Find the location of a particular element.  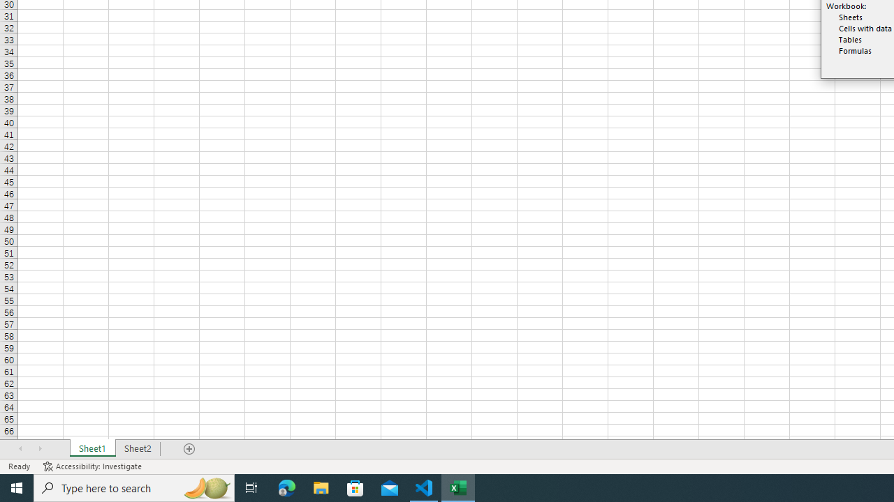

'Excel - 1 running window' is located at coordinates (458, 487).